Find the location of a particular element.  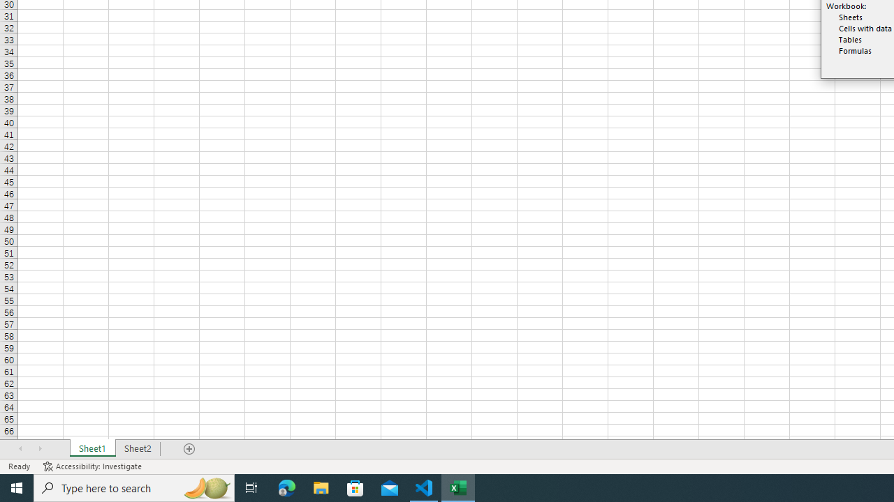

'Excel - 1 running window' is located at coordinates (458, 487).